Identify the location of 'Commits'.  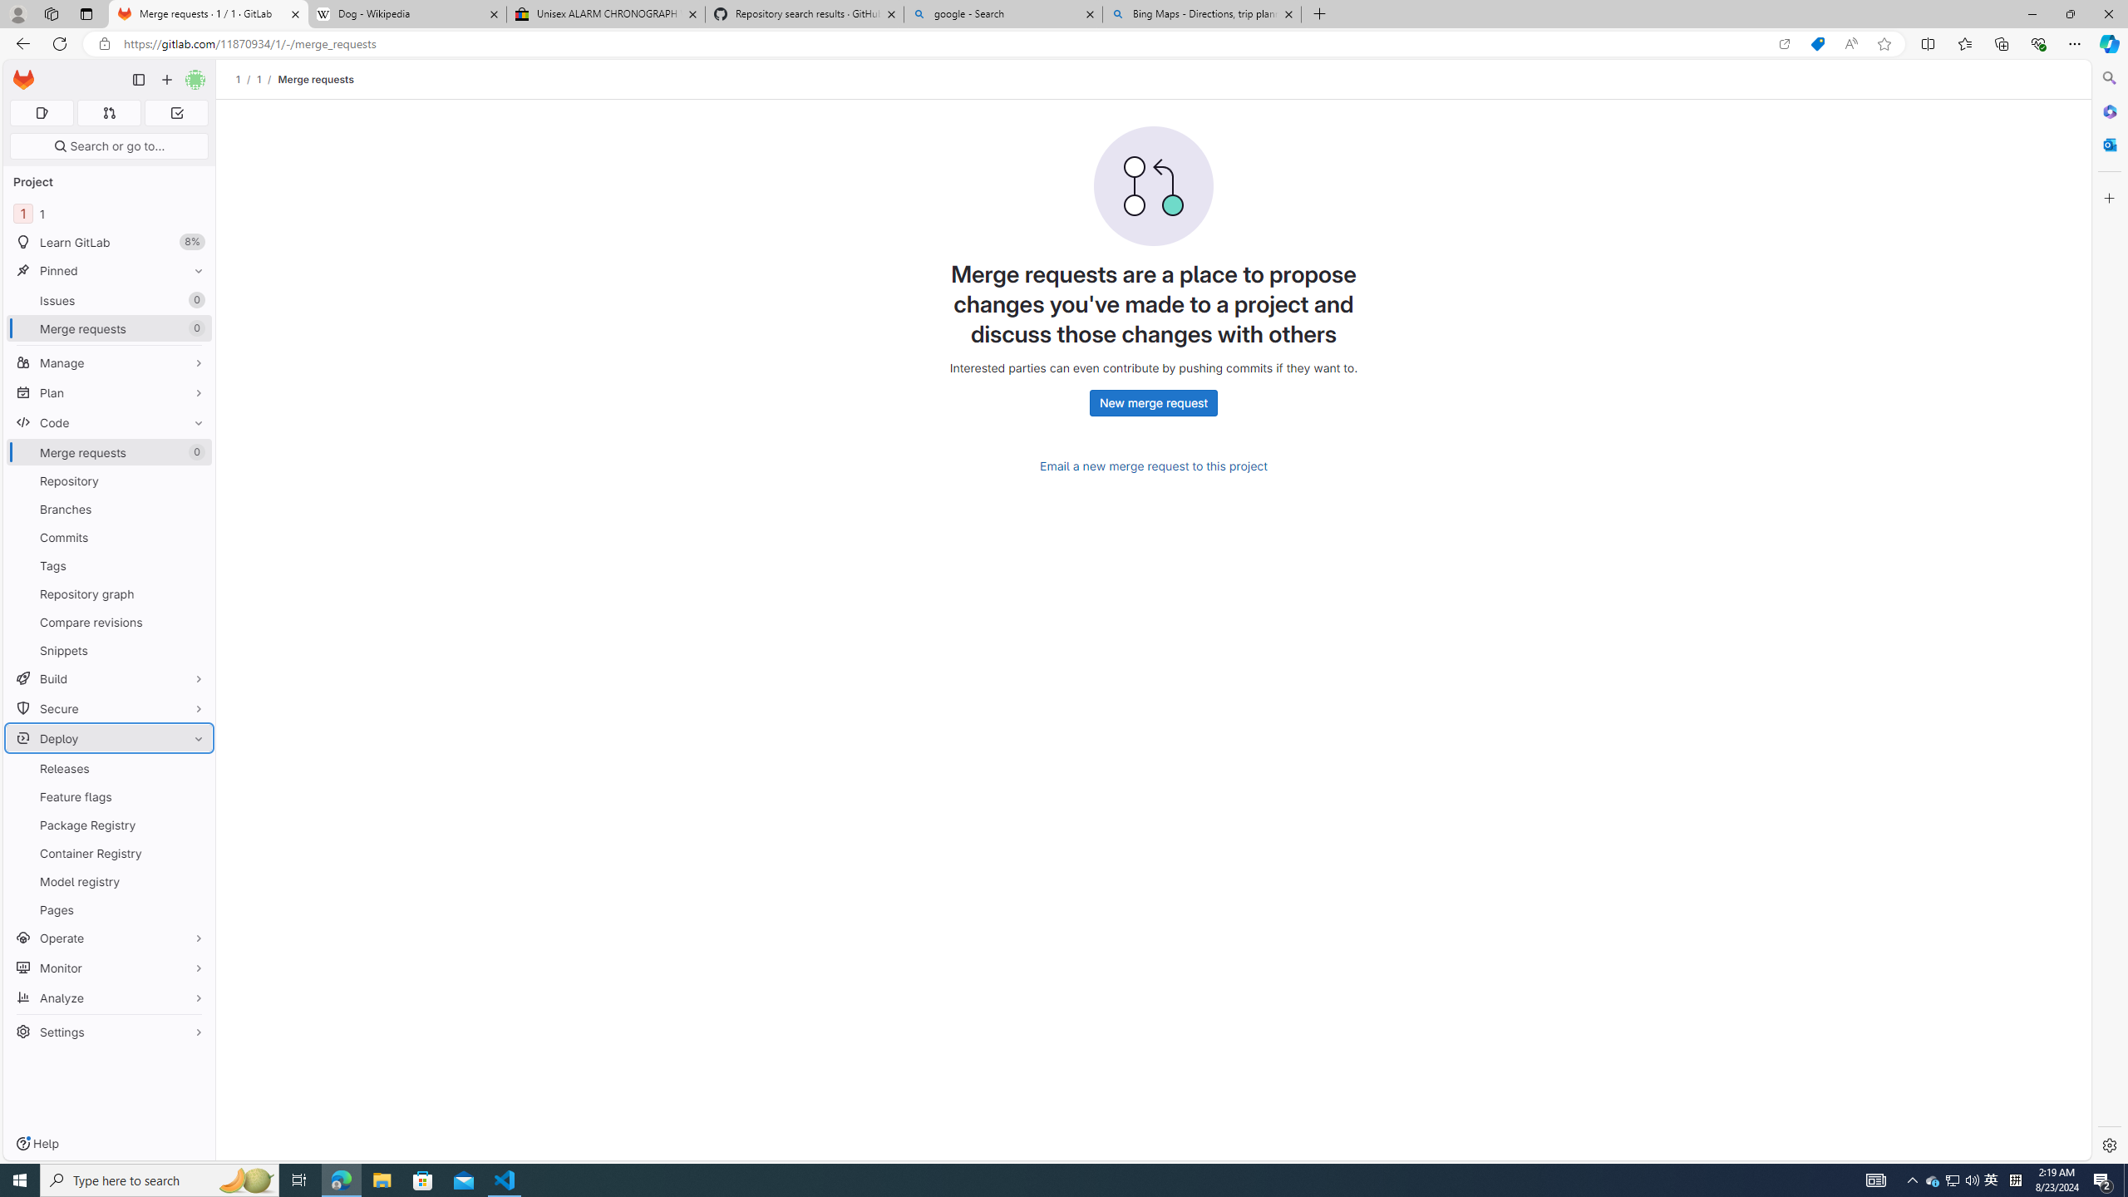
(108, 537).